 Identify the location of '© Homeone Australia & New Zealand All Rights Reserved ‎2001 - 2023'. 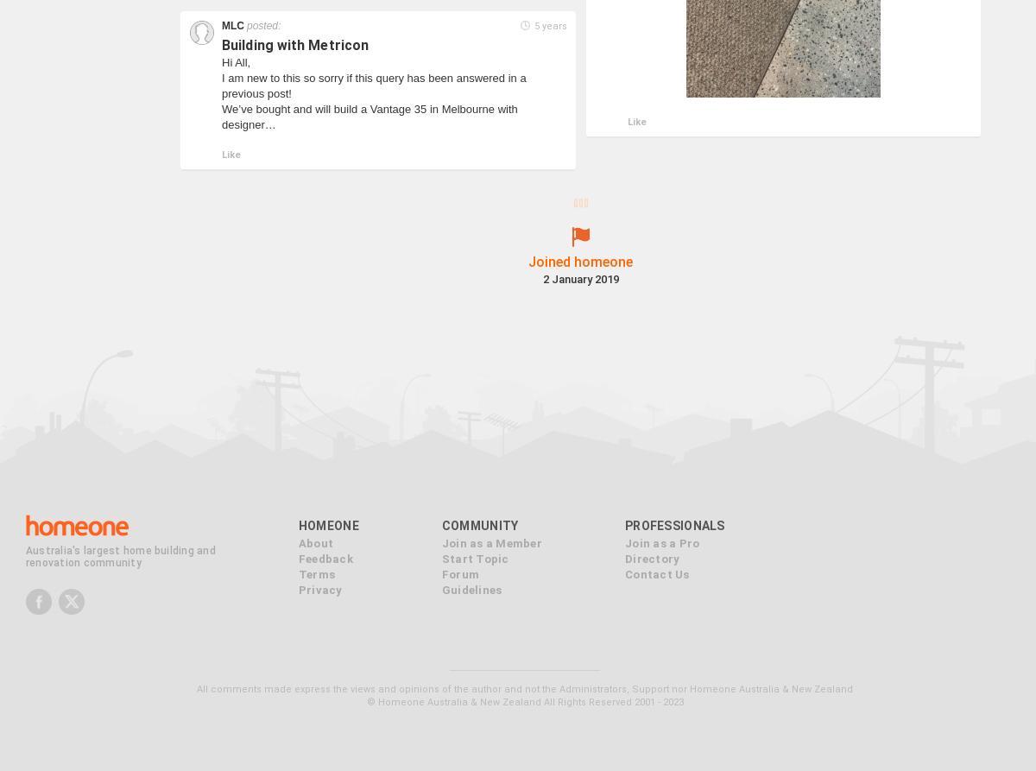
(524, 673).